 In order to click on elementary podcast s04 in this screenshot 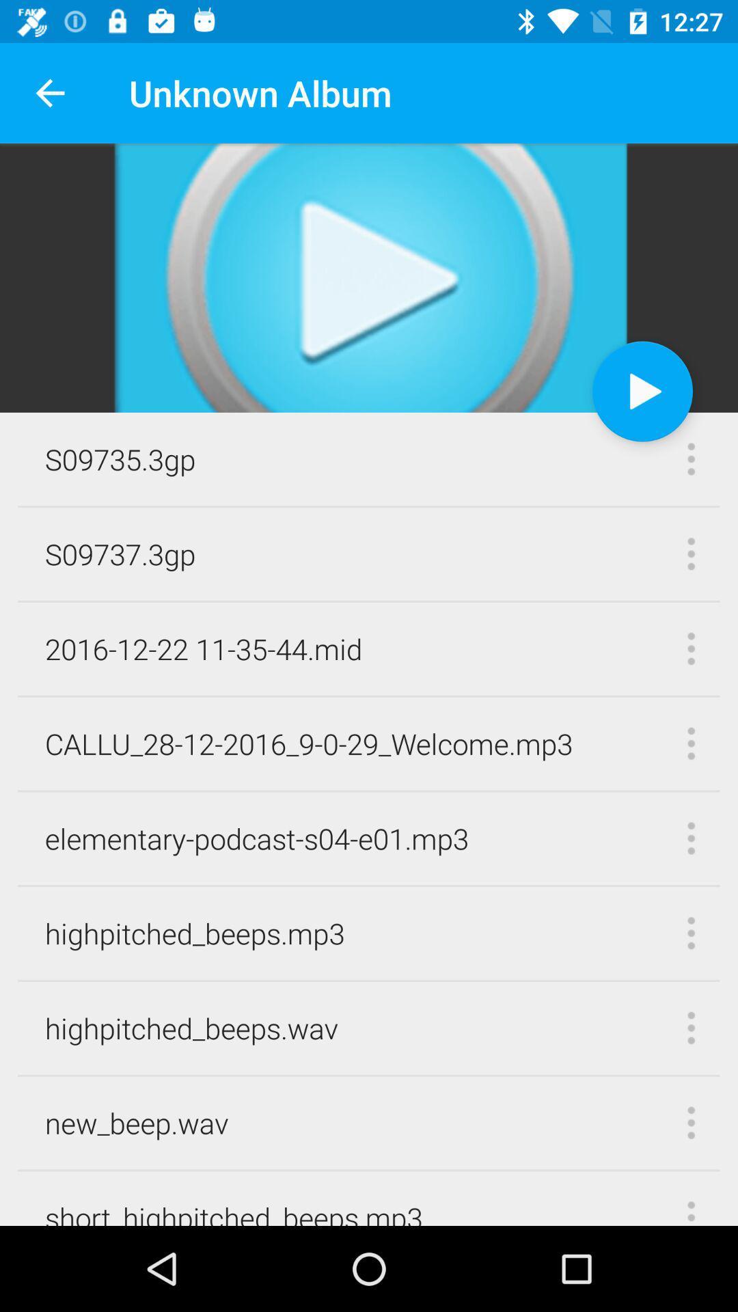, I will do `click(257, 838)`.